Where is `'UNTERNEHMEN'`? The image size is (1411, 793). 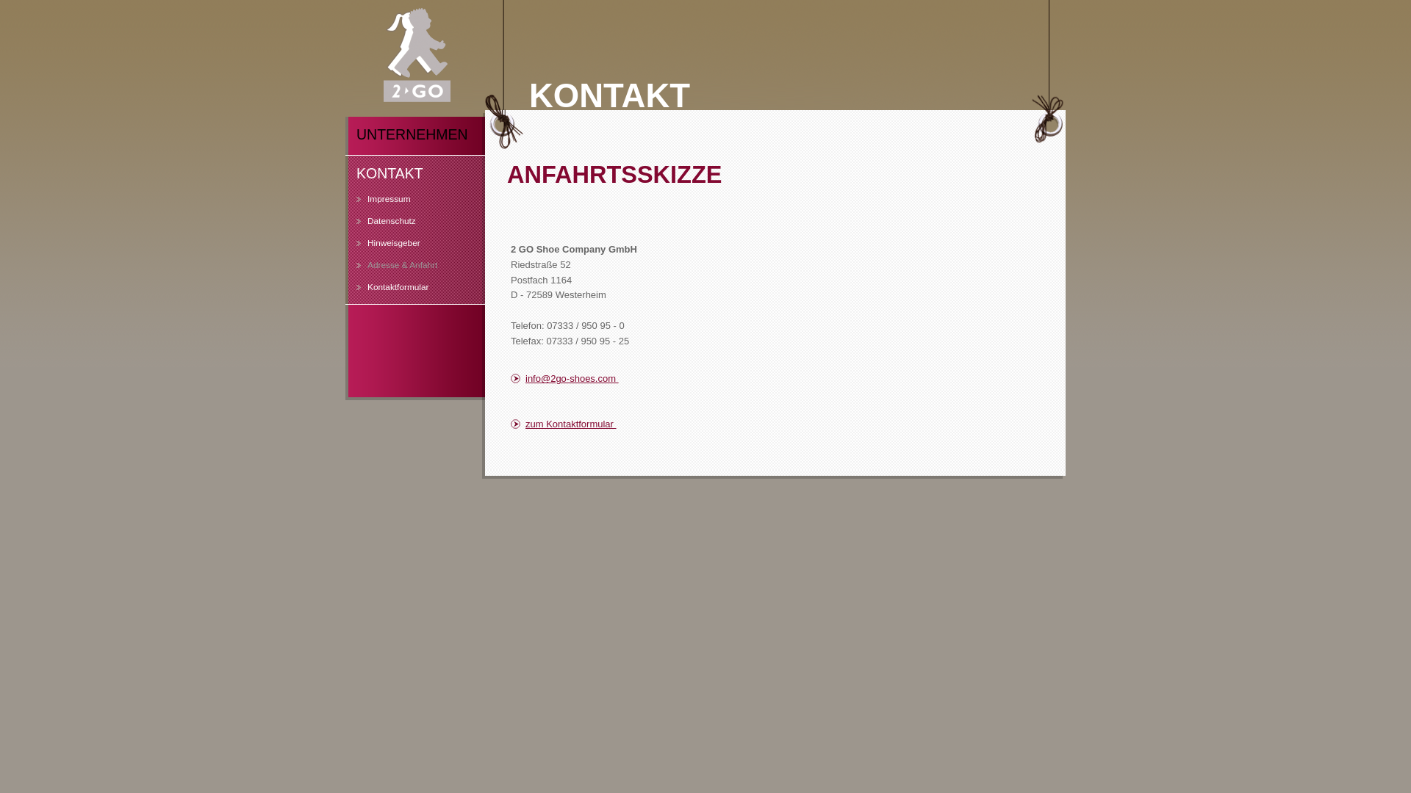 'UNTERNEHMEN' is located at coordinates (414, 136).